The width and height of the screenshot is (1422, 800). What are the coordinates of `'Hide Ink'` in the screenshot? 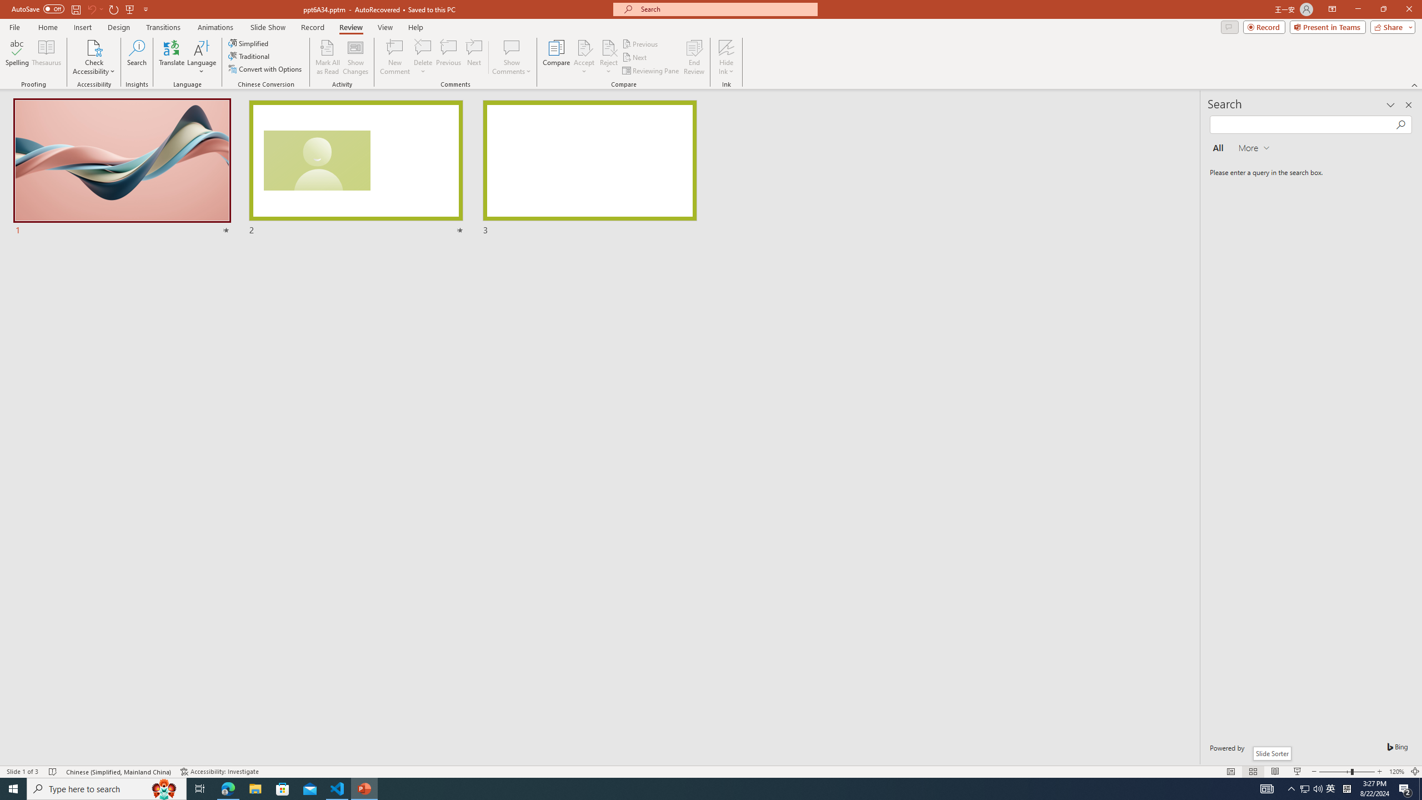 It's located at (727, 47).